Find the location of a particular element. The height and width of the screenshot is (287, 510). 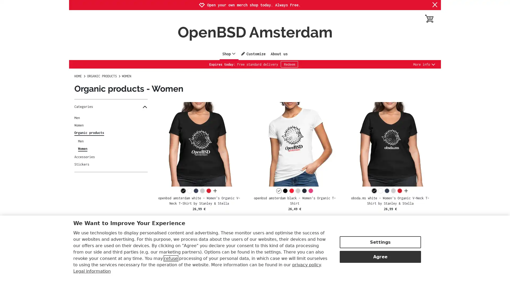

openbsd amsterdam black - Women's Organic T-Shirt is located at coordinates (294, 144).